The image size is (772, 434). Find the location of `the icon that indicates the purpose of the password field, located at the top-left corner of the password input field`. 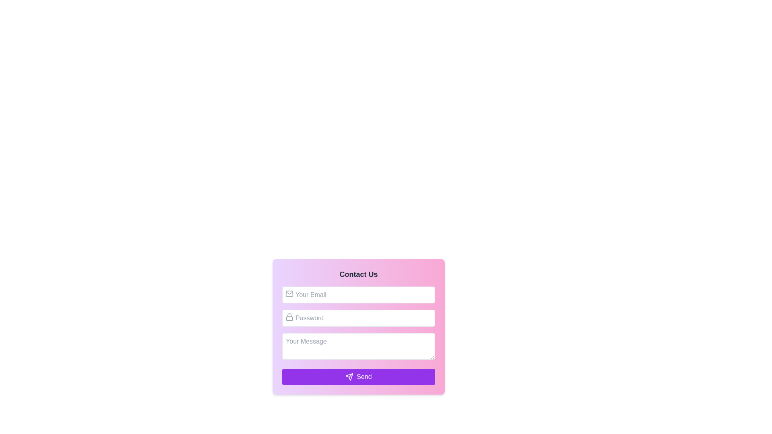

the icon that indicates the purpose of the password field, located at the top-left corner of the password input field is located at coordinates (289, 317).